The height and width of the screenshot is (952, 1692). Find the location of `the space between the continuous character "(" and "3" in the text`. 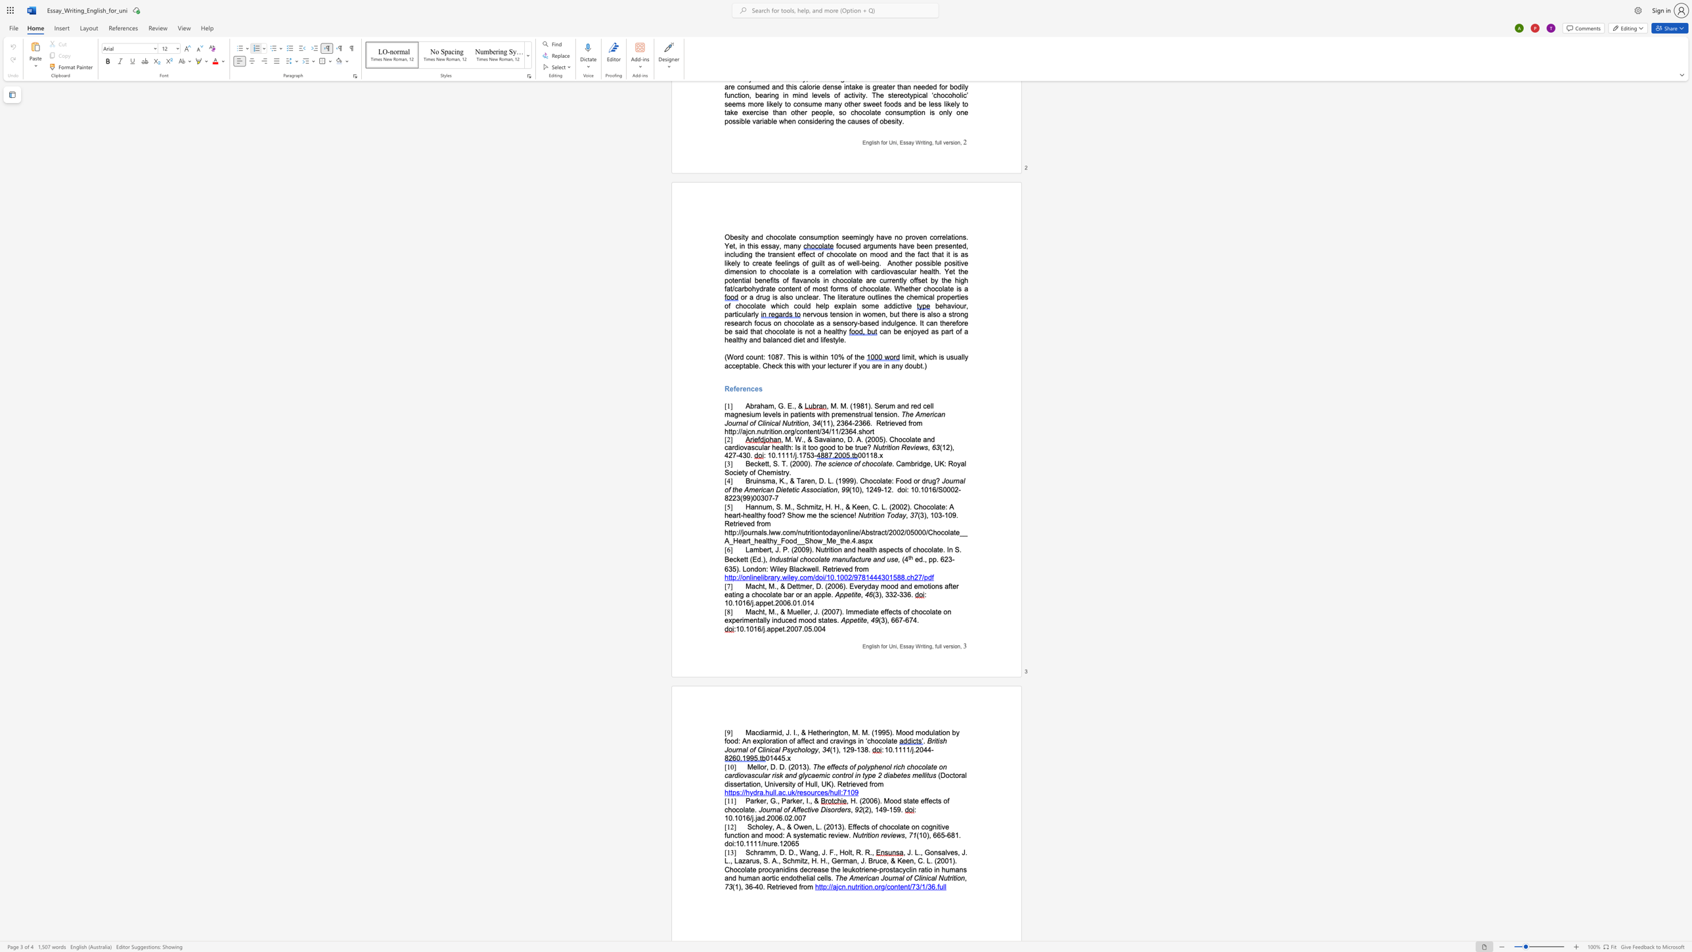

the space between the continuous character "(" and "3" in the text is located at coordinates (875, 594).